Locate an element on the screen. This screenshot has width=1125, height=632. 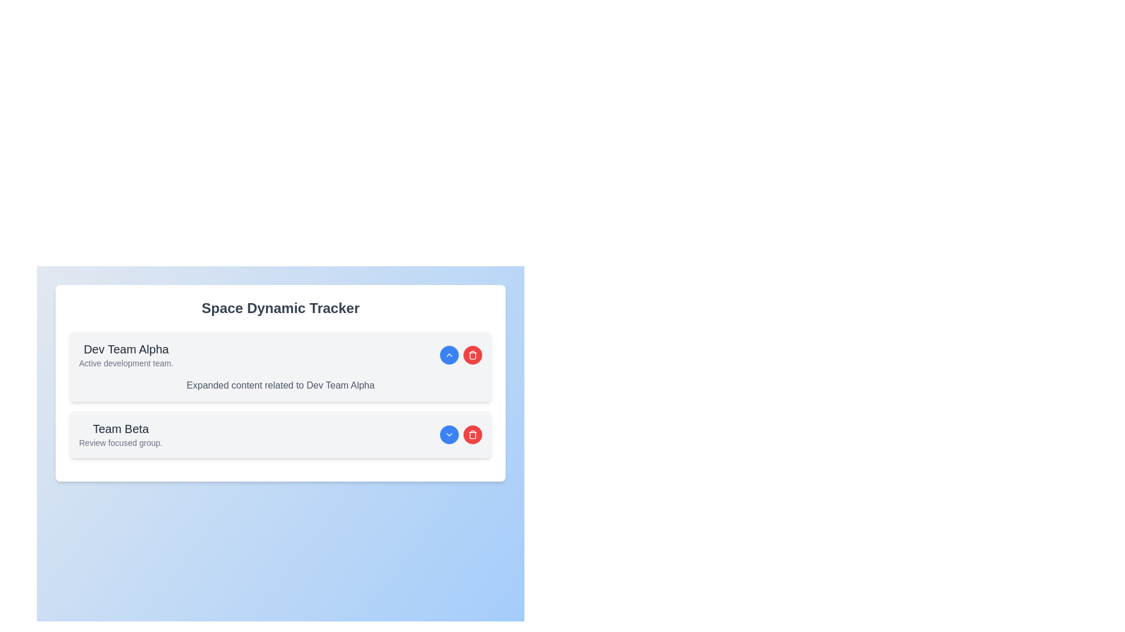
the circular blue button with a white downward-pointing chevron icon, located towards the right end of the 'Team Beta' section, just before the red trash icon button is located at coordinates (449, 435).